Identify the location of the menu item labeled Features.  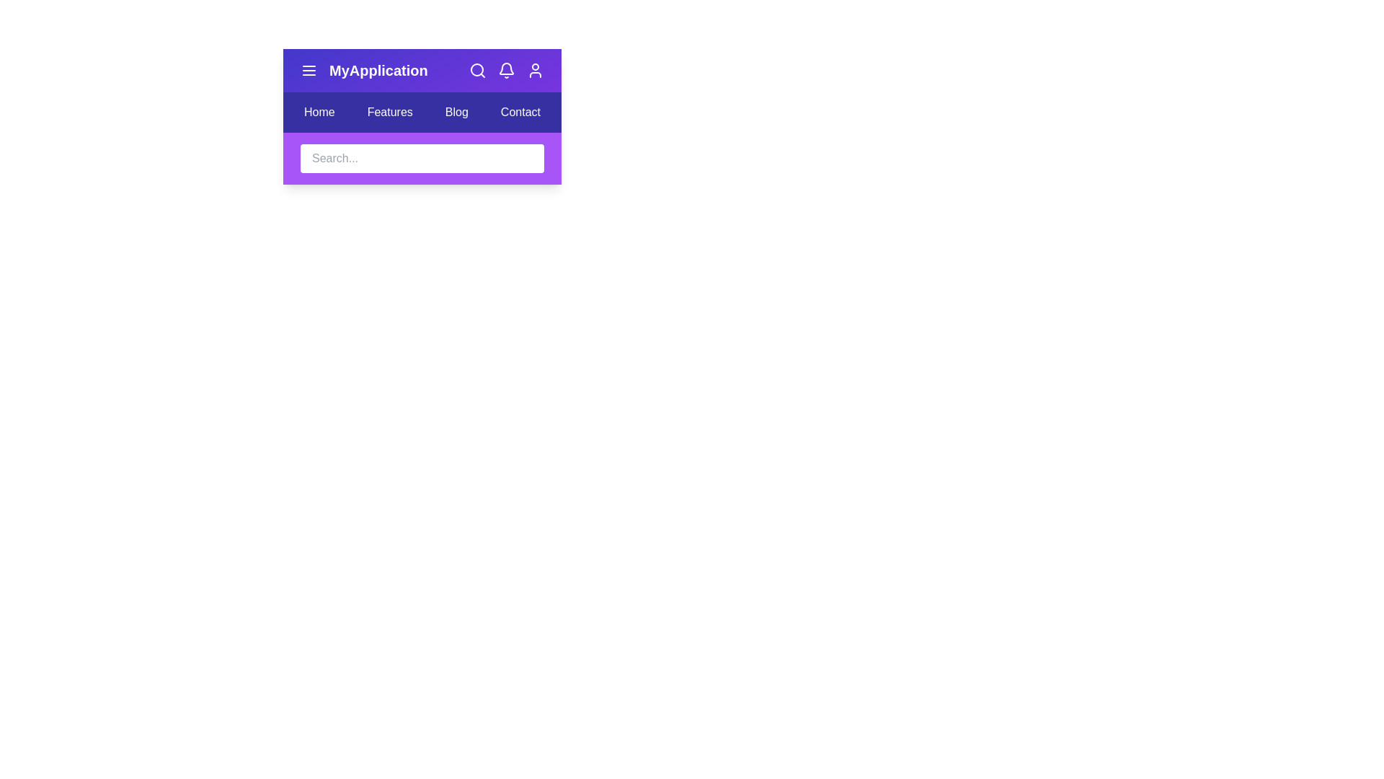
(390, 111).